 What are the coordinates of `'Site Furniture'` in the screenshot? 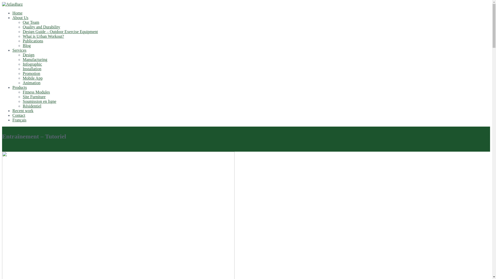 It's located at (34, 97).